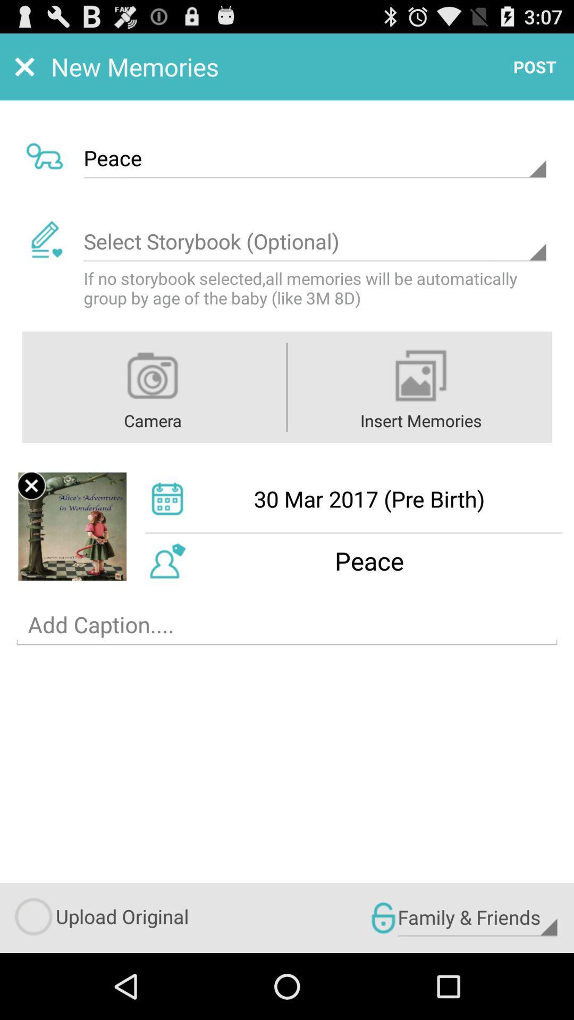 The height and width of the screenshot is (1020, 574). I want to click on delete photo, so click(31, 485).